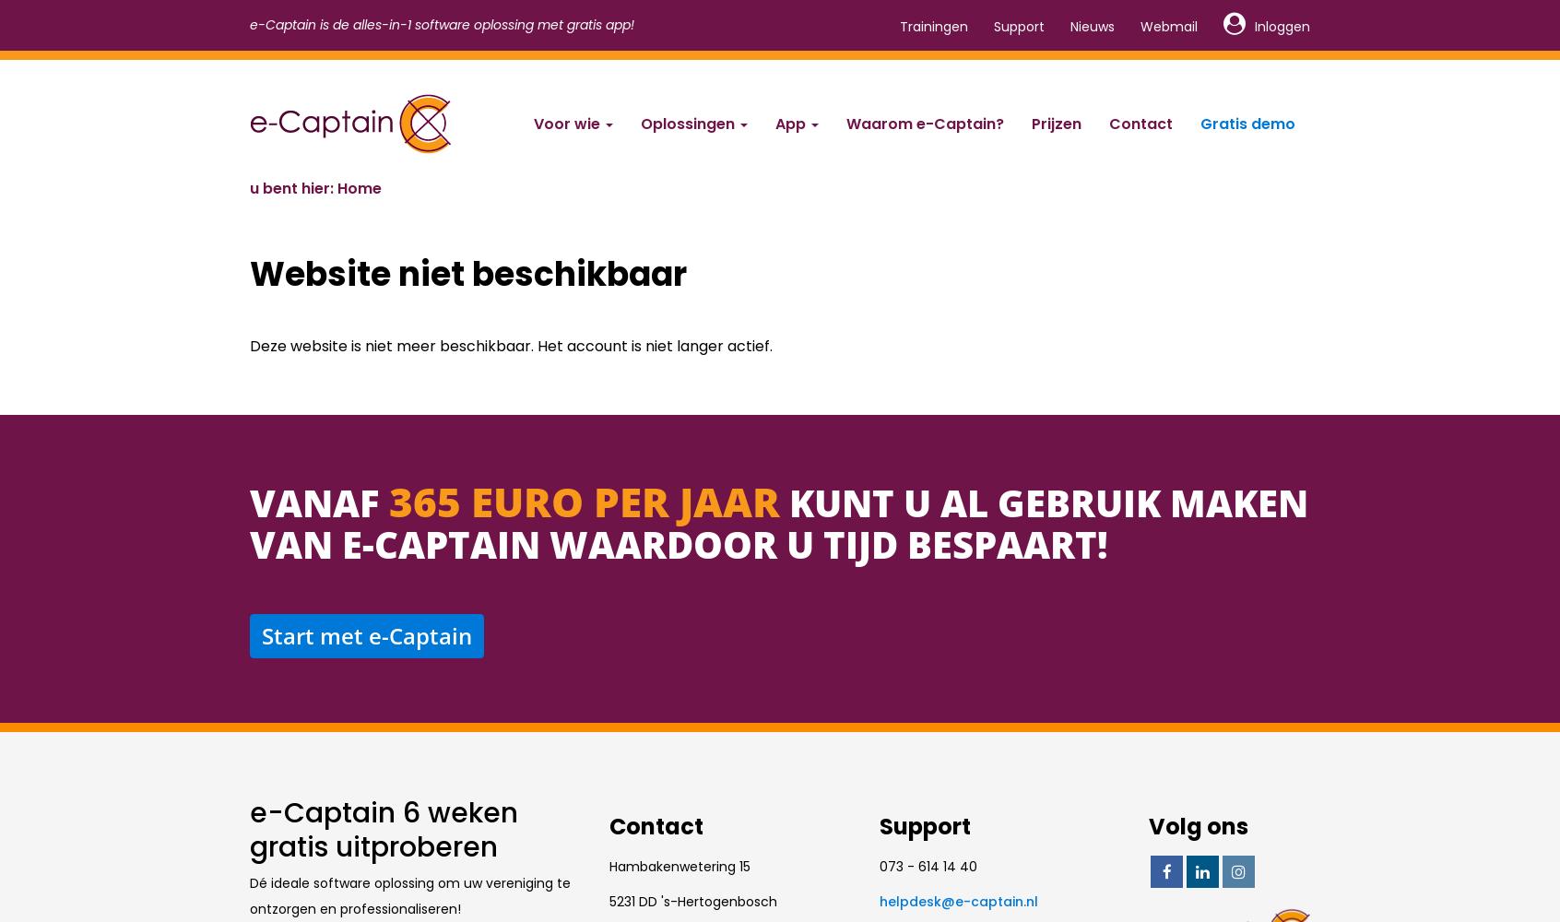  I want to click on 'U bent hier:', so click(292, 187).